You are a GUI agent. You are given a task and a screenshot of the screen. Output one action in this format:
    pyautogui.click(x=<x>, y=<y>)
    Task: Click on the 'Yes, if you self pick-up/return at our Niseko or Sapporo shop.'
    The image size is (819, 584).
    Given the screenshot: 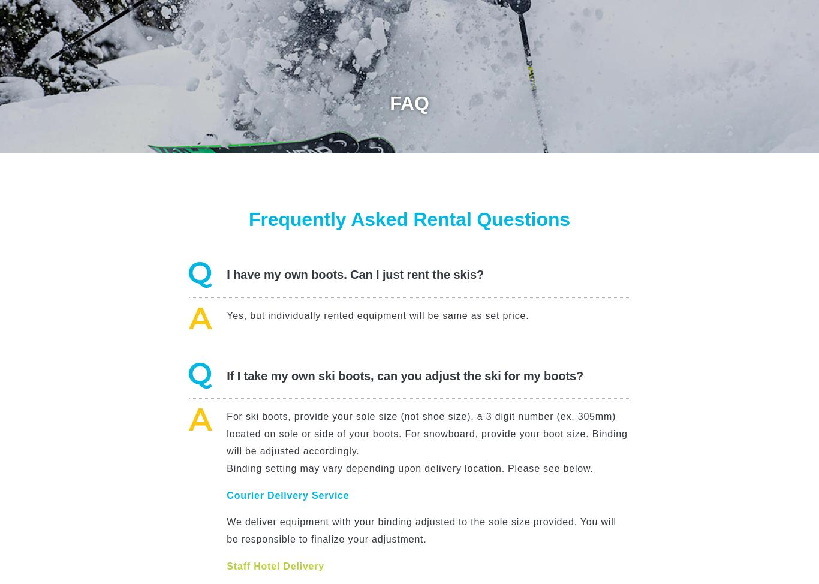 What is the action you would take?
    pyautogui.click(x=369, y=574)
    